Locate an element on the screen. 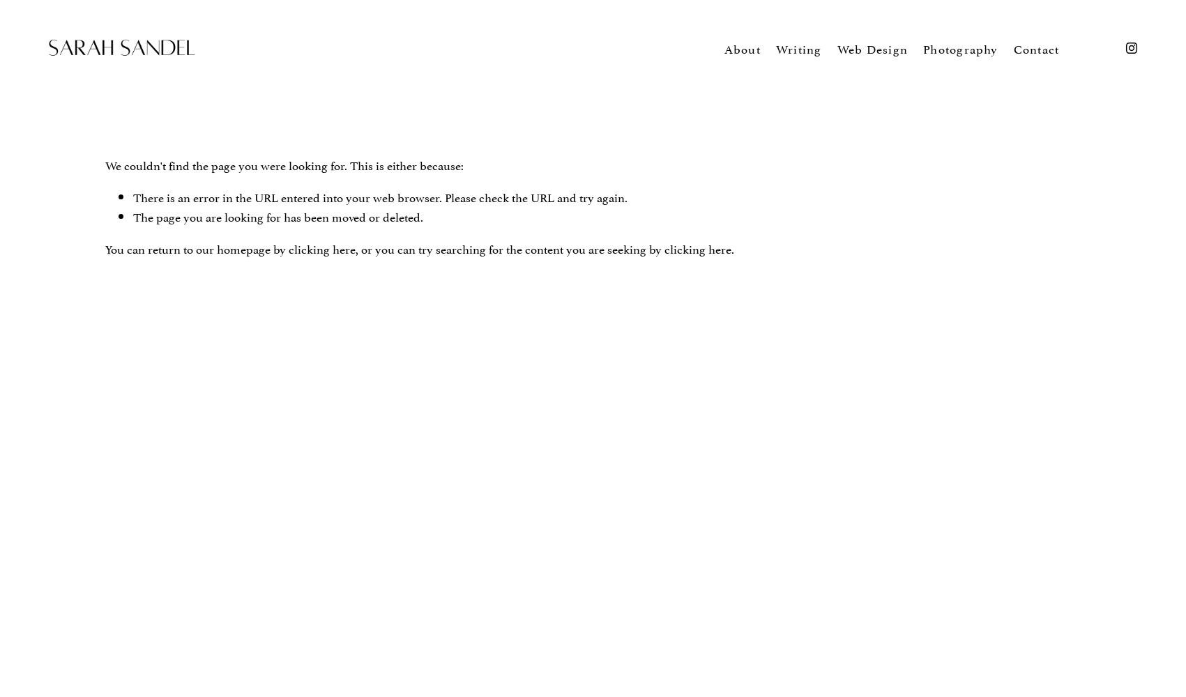 The width and height of the screenshot is (1186, 697). 'Web Design' is located at coordinates (872, 47).